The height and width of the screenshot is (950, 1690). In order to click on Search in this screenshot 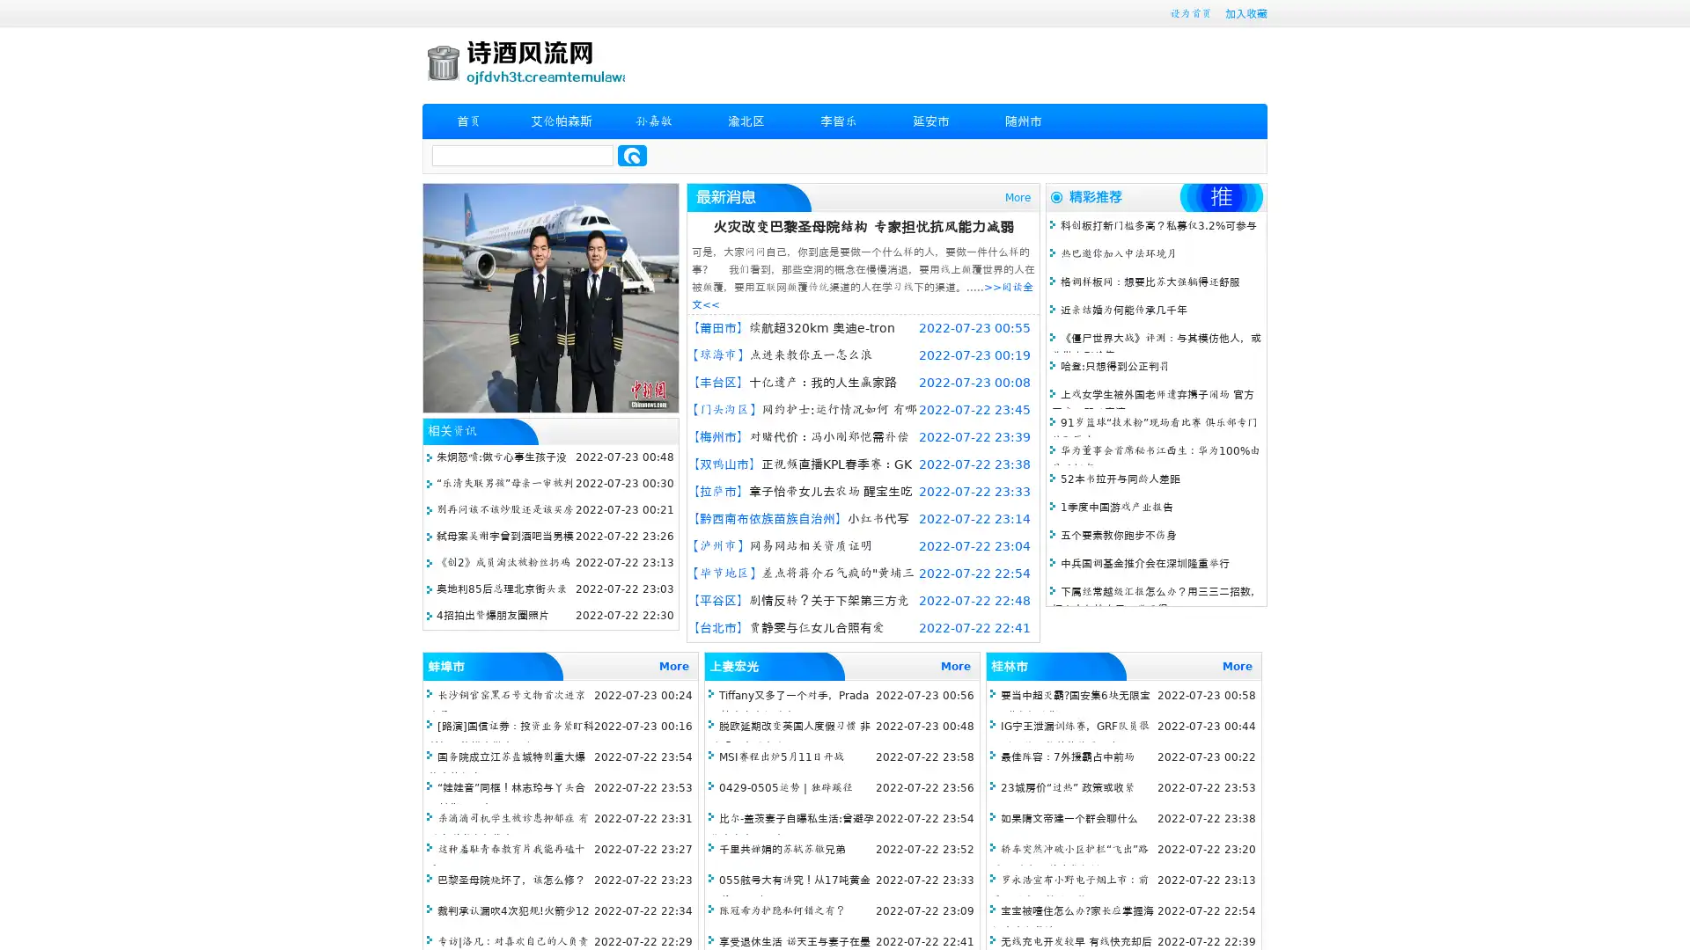, I will do `click(632, 155)`.